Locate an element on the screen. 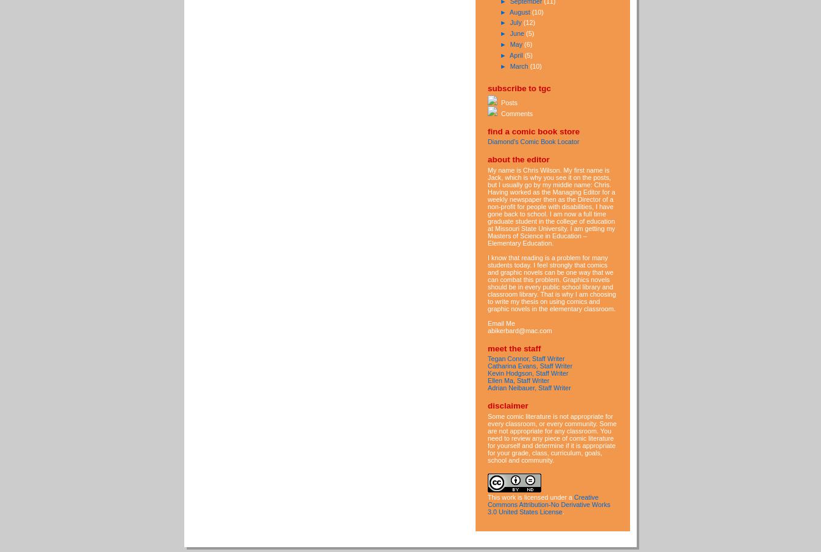  'March' is located at coordinates (519, 64).